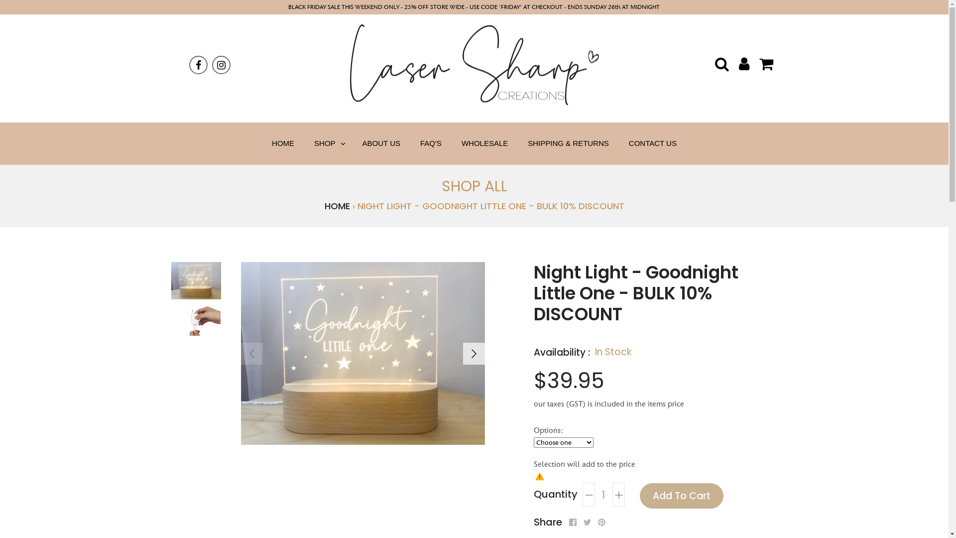 Image resolution: width=956 pixels, height=538 pixels. Describe the element at coordinates (572, 522) in the screenshot. I see `'Facebook` at that location.